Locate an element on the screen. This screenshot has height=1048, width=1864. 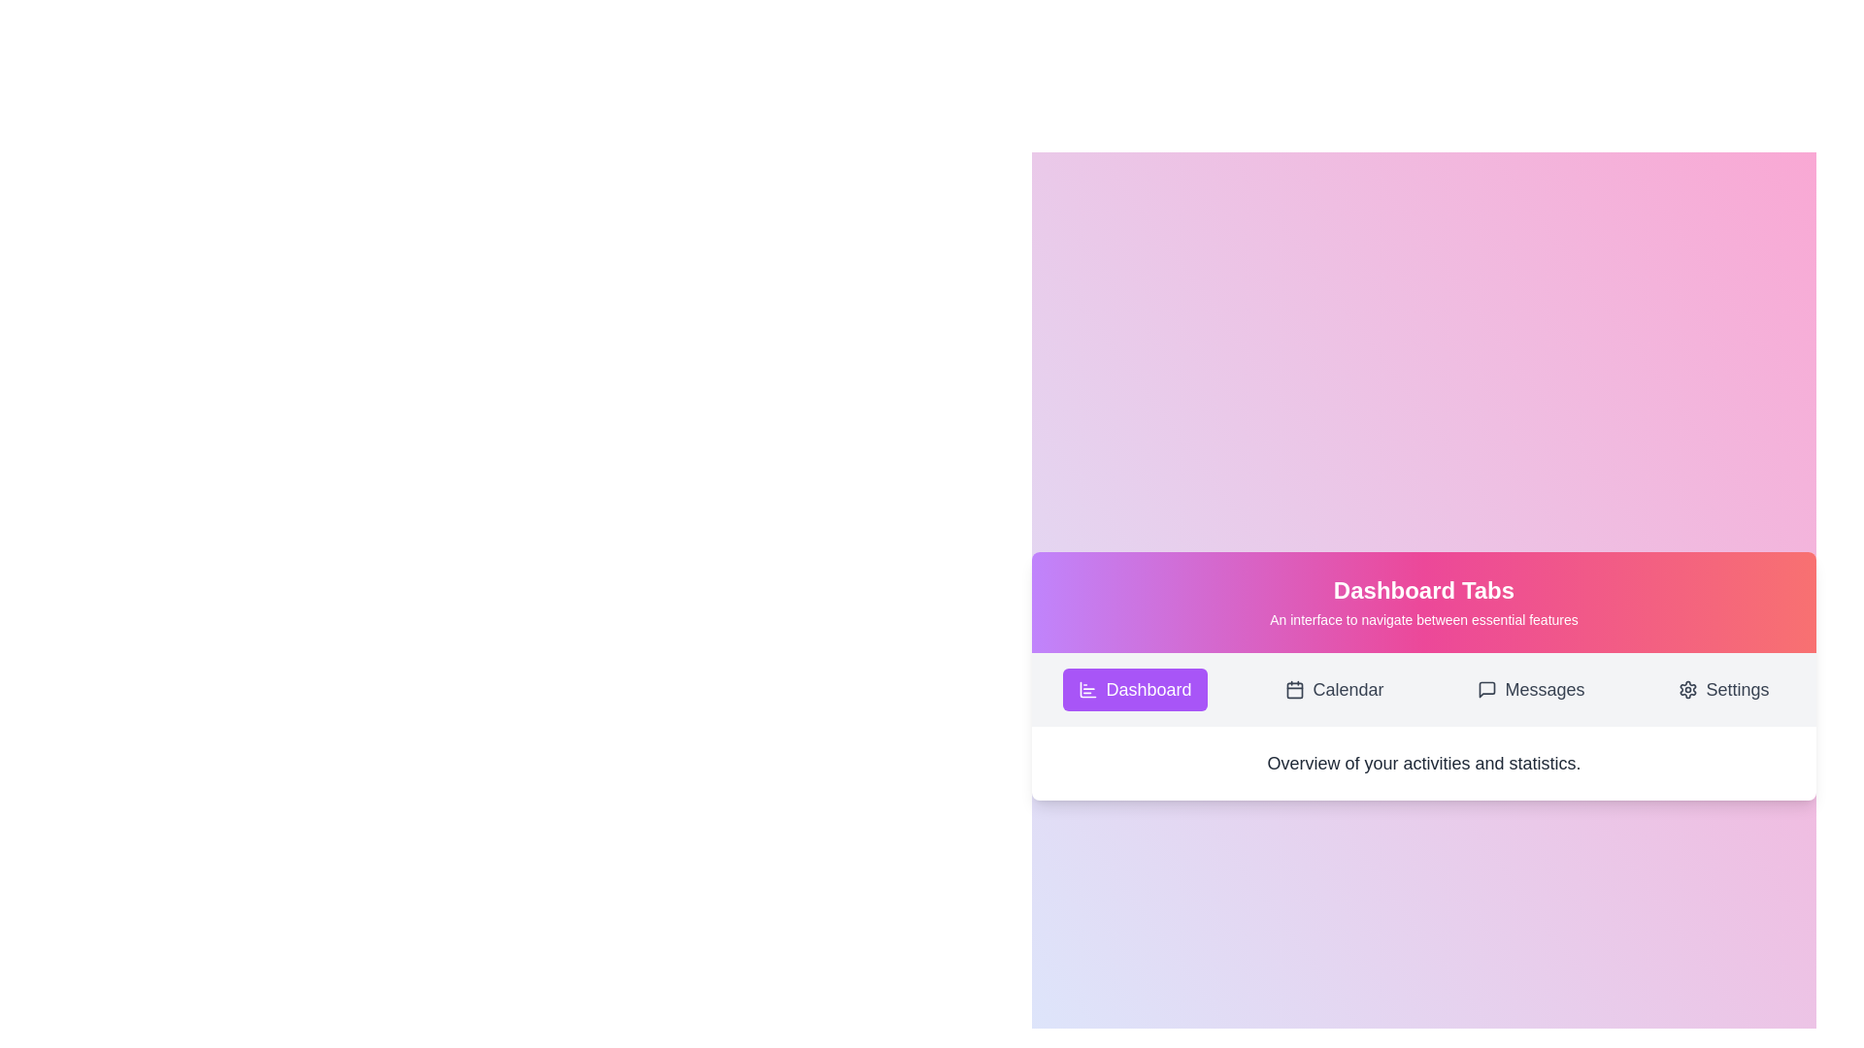
the static text label located directly below the 'Dashboard Tabs' heading is located at coordinates (1424, 620).